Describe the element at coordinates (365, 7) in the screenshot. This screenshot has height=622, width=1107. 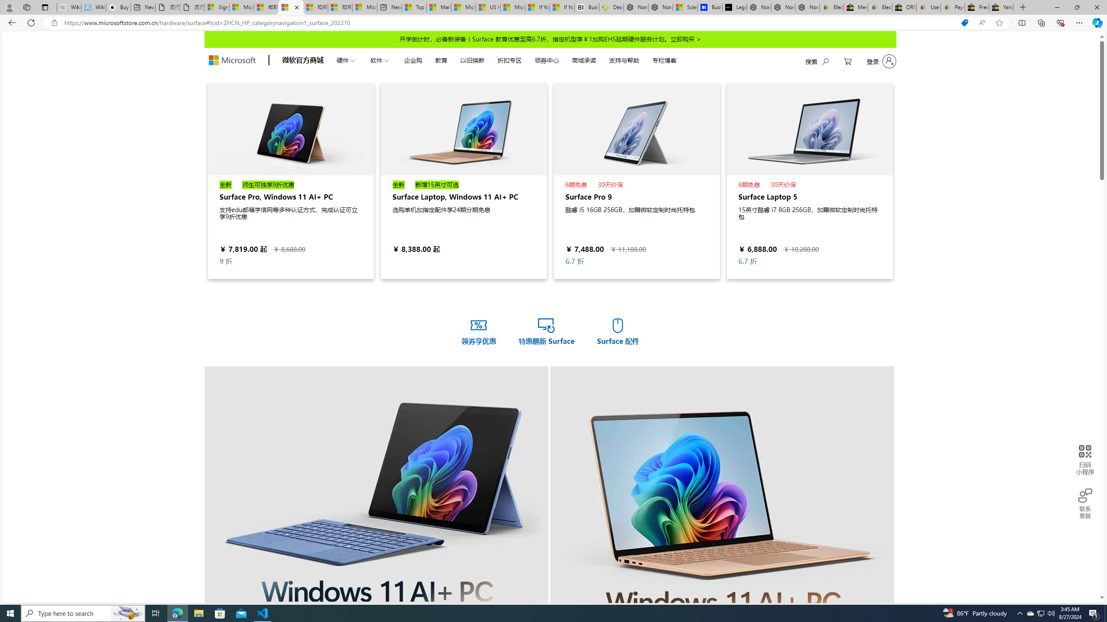
I see `'Microsoft account | Account Checkup'` at that location.